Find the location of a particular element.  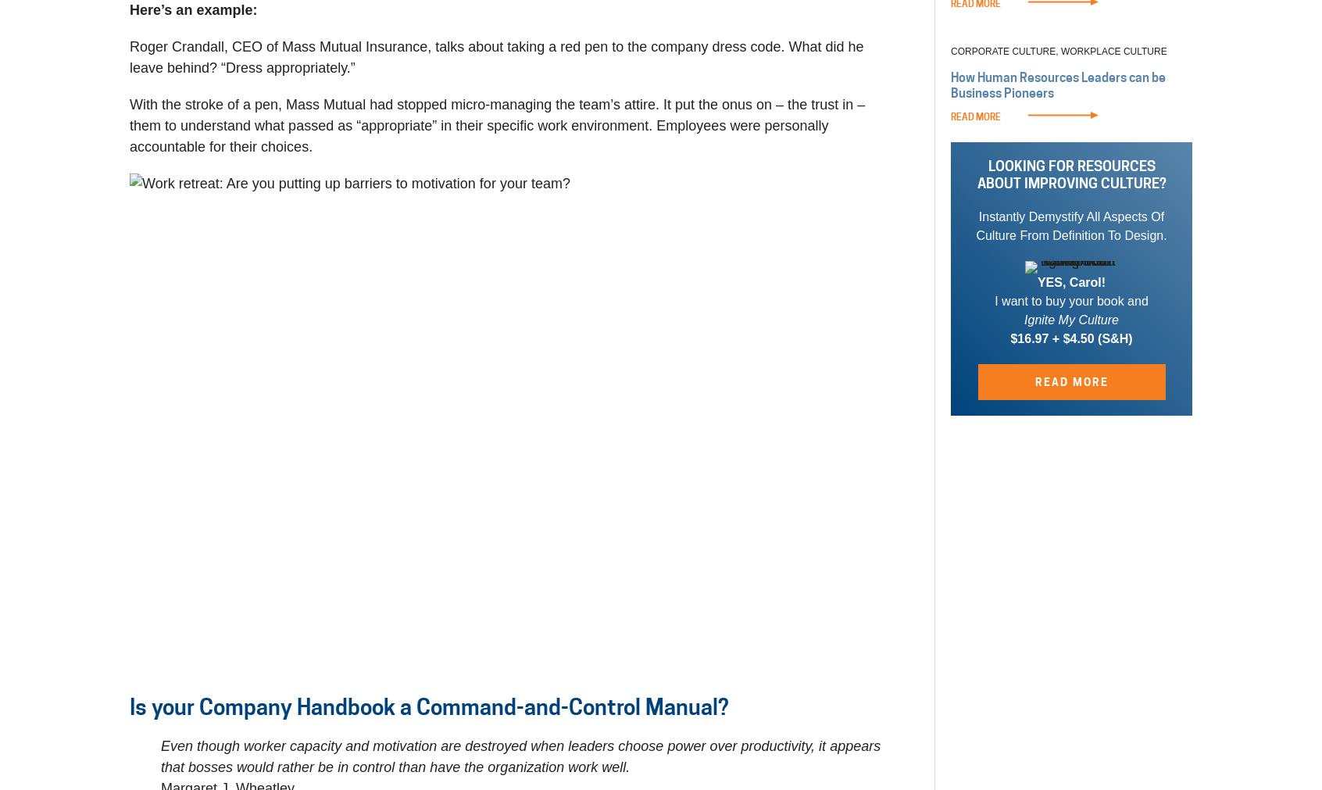

',' is located at coordinates (1056, 51).